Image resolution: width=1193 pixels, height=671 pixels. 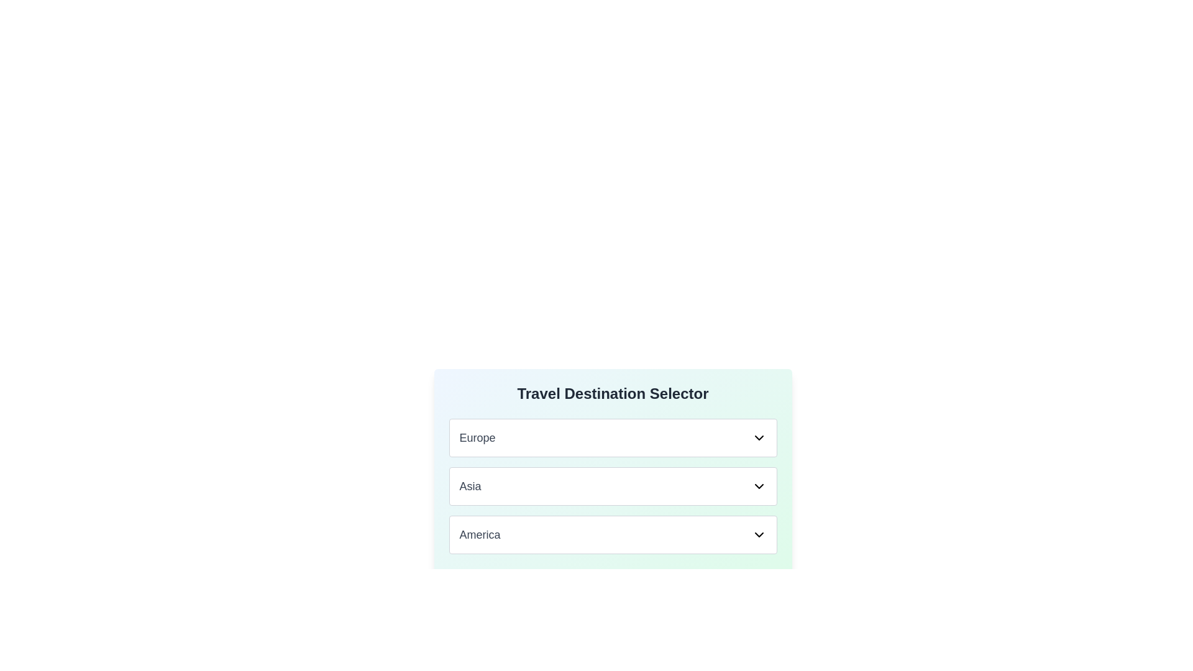 What do you see at coordinates (613, 486) in the screenshot?
I see `the dropdown option labeled 'Asia'` at bounding box center [613, 486].